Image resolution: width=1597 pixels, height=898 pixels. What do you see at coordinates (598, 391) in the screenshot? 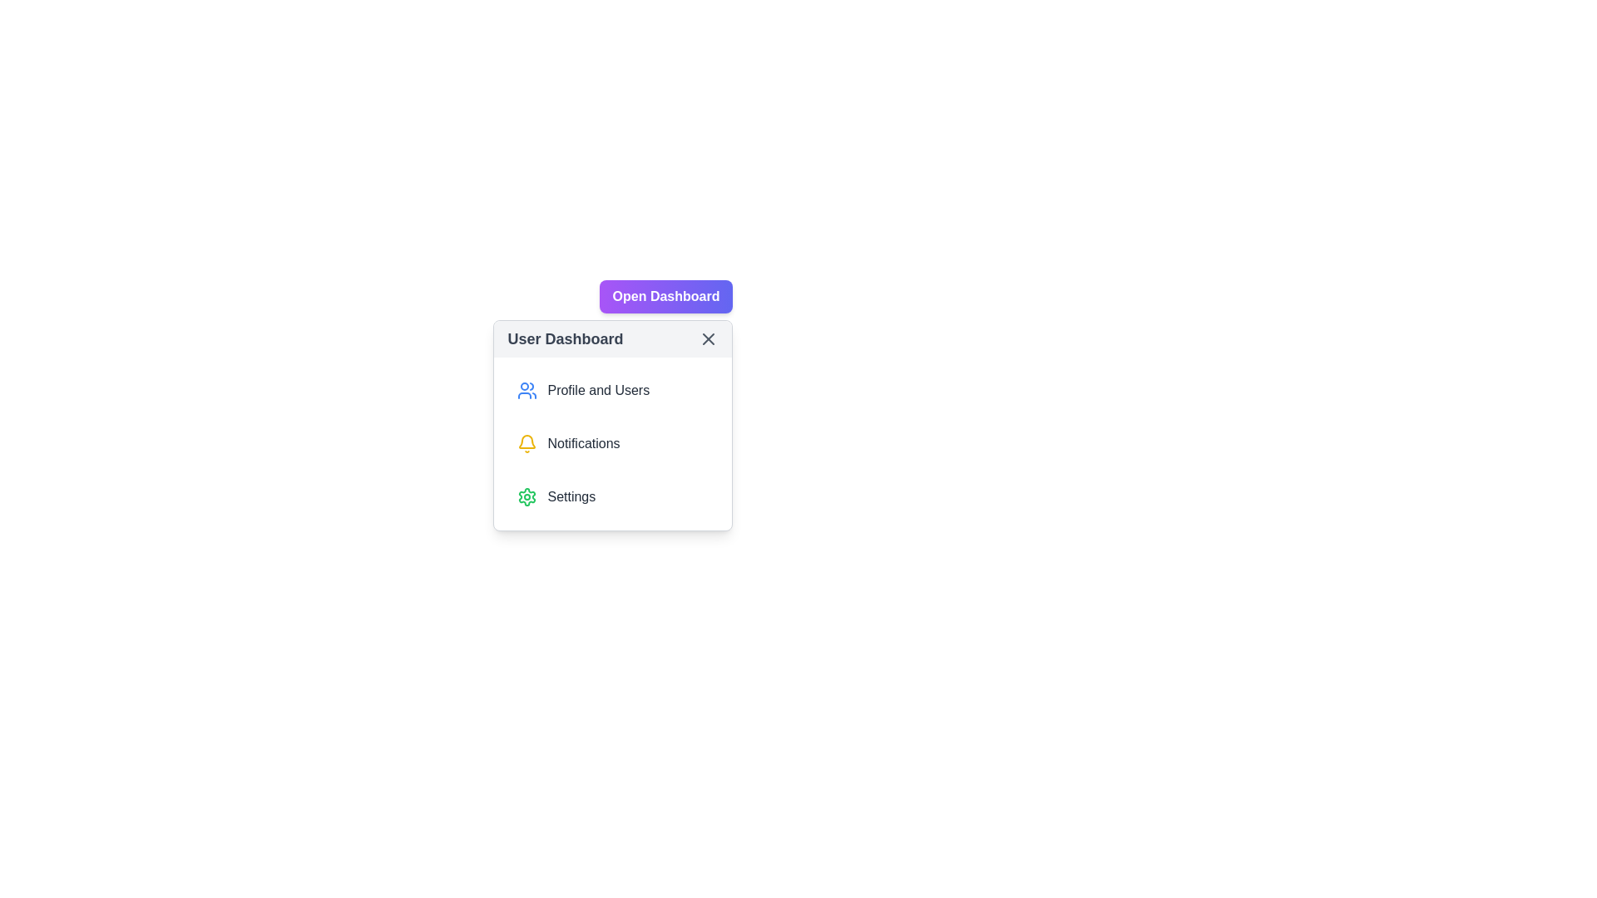
I see `the 'Profile and Users' text label in the User Dashboard` at bounding box center [598, 391].